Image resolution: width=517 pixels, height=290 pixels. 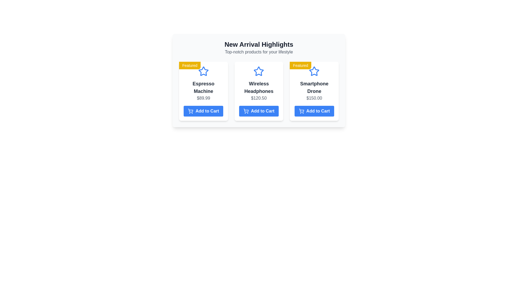 I want to click on the decorative graphic icon located at the top section of the first card, which indicates featured items above the item title 'Espresso Machine', so click(x=203, y=71).